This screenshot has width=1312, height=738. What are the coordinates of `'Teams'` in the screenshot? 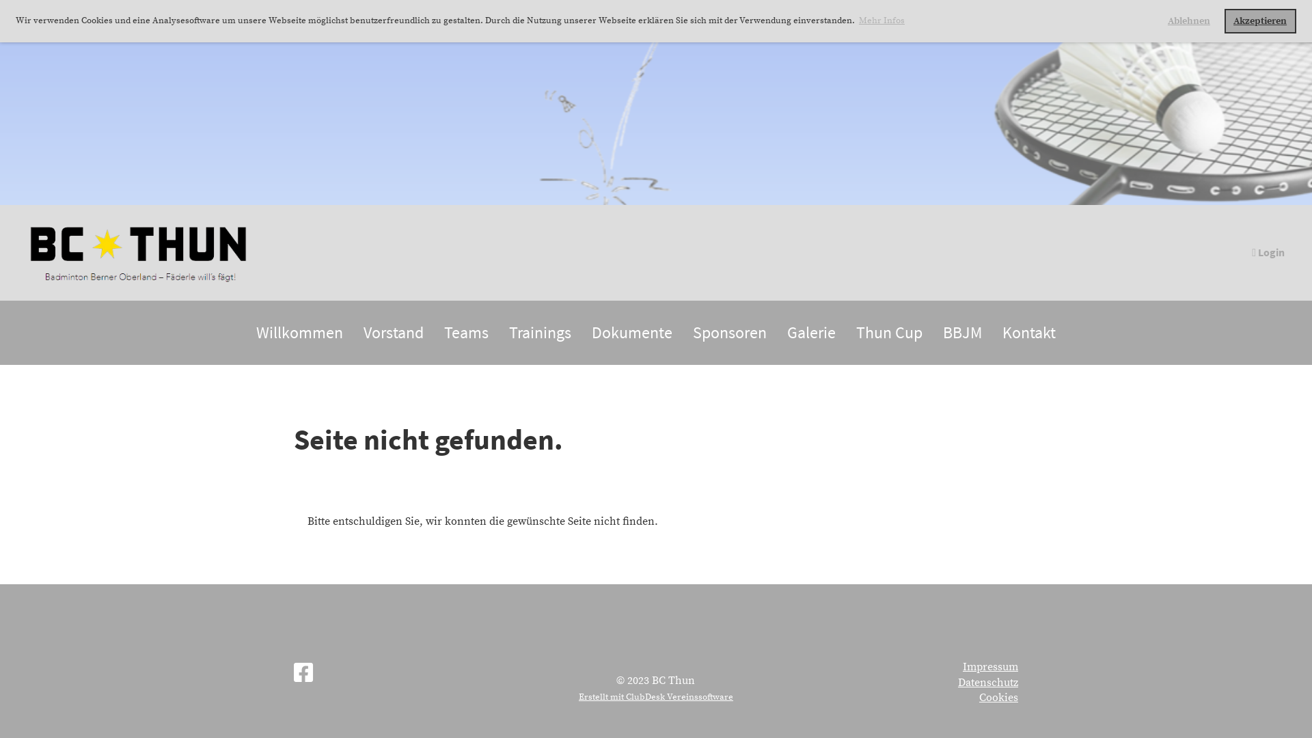 It's located at (433, 332).